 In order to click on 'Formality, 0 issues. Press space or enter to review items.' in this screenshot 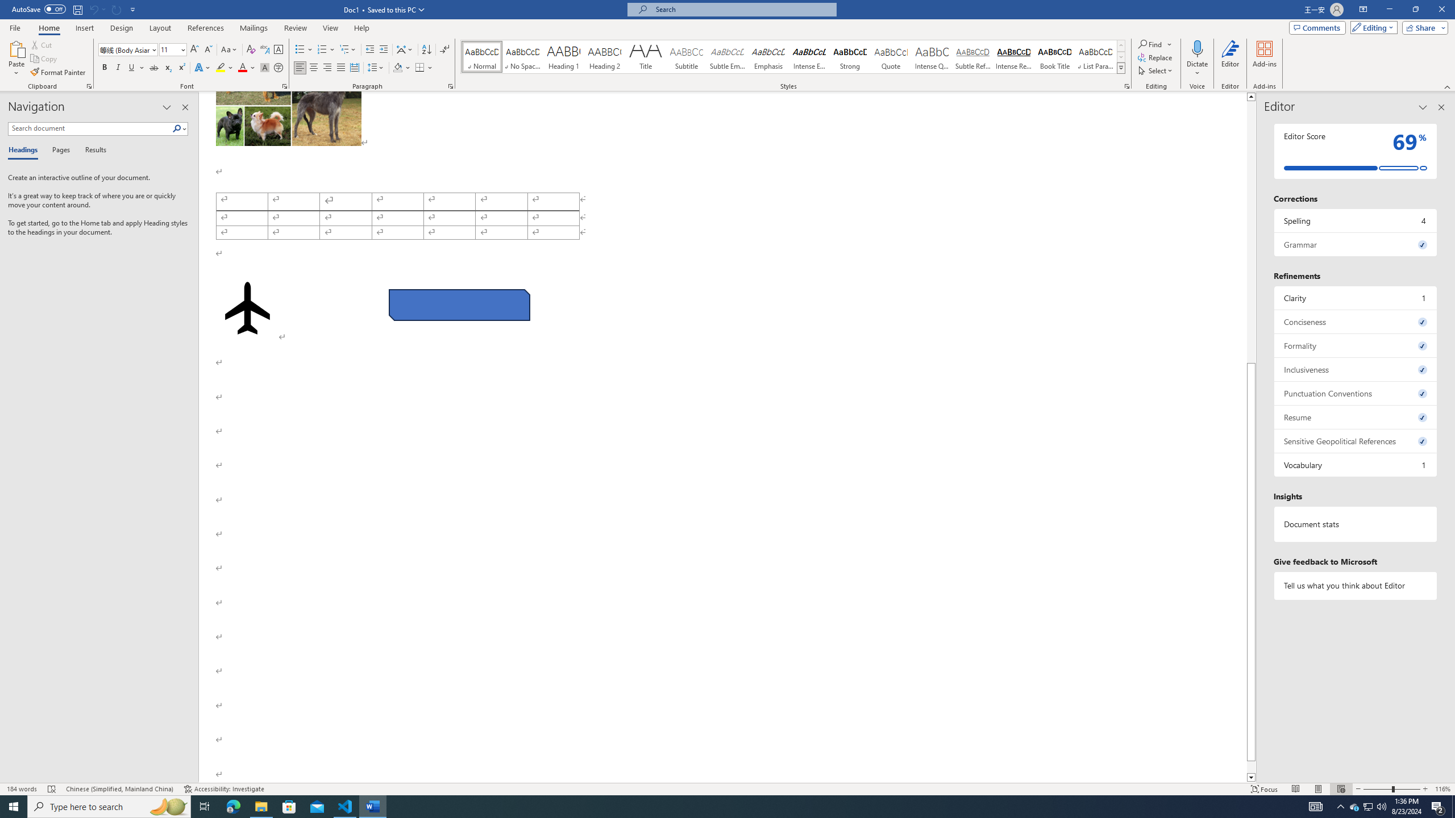, I will do `click(1355, 345)`.